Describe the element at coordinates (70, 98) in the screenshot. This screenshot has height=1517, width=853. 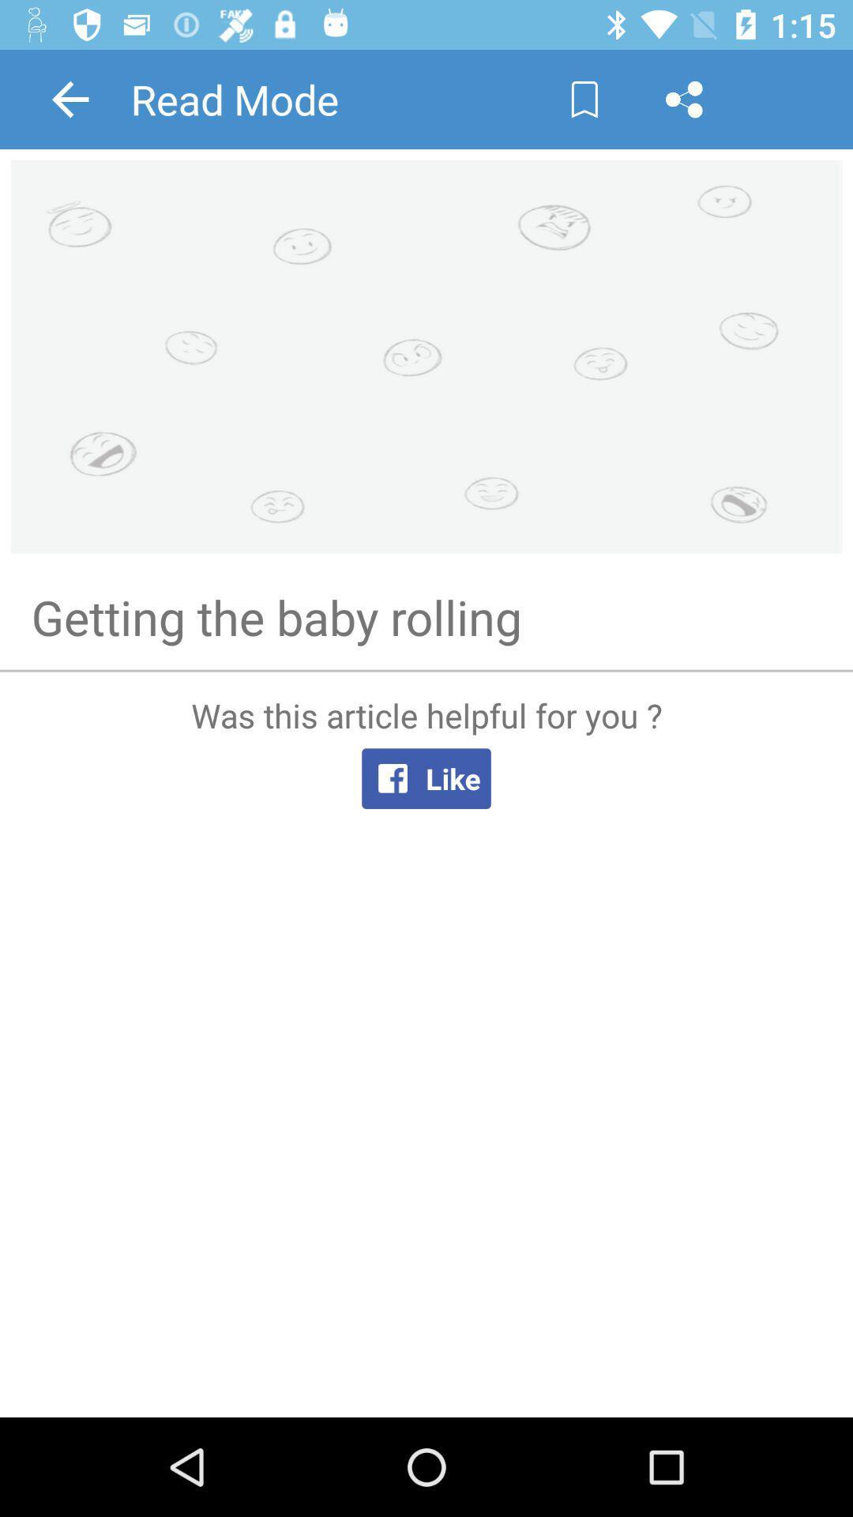
I see `back` at that location.